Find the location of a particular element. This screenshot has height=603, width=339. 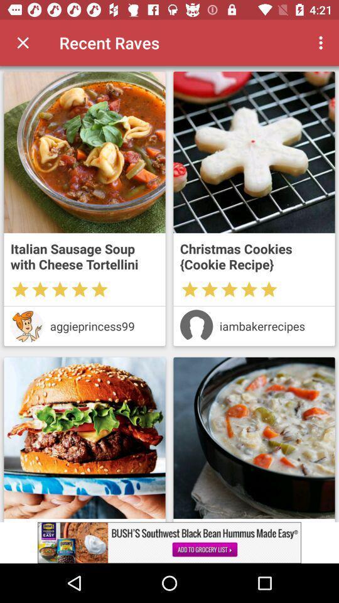

open profile is located at coordinates (27, 325).